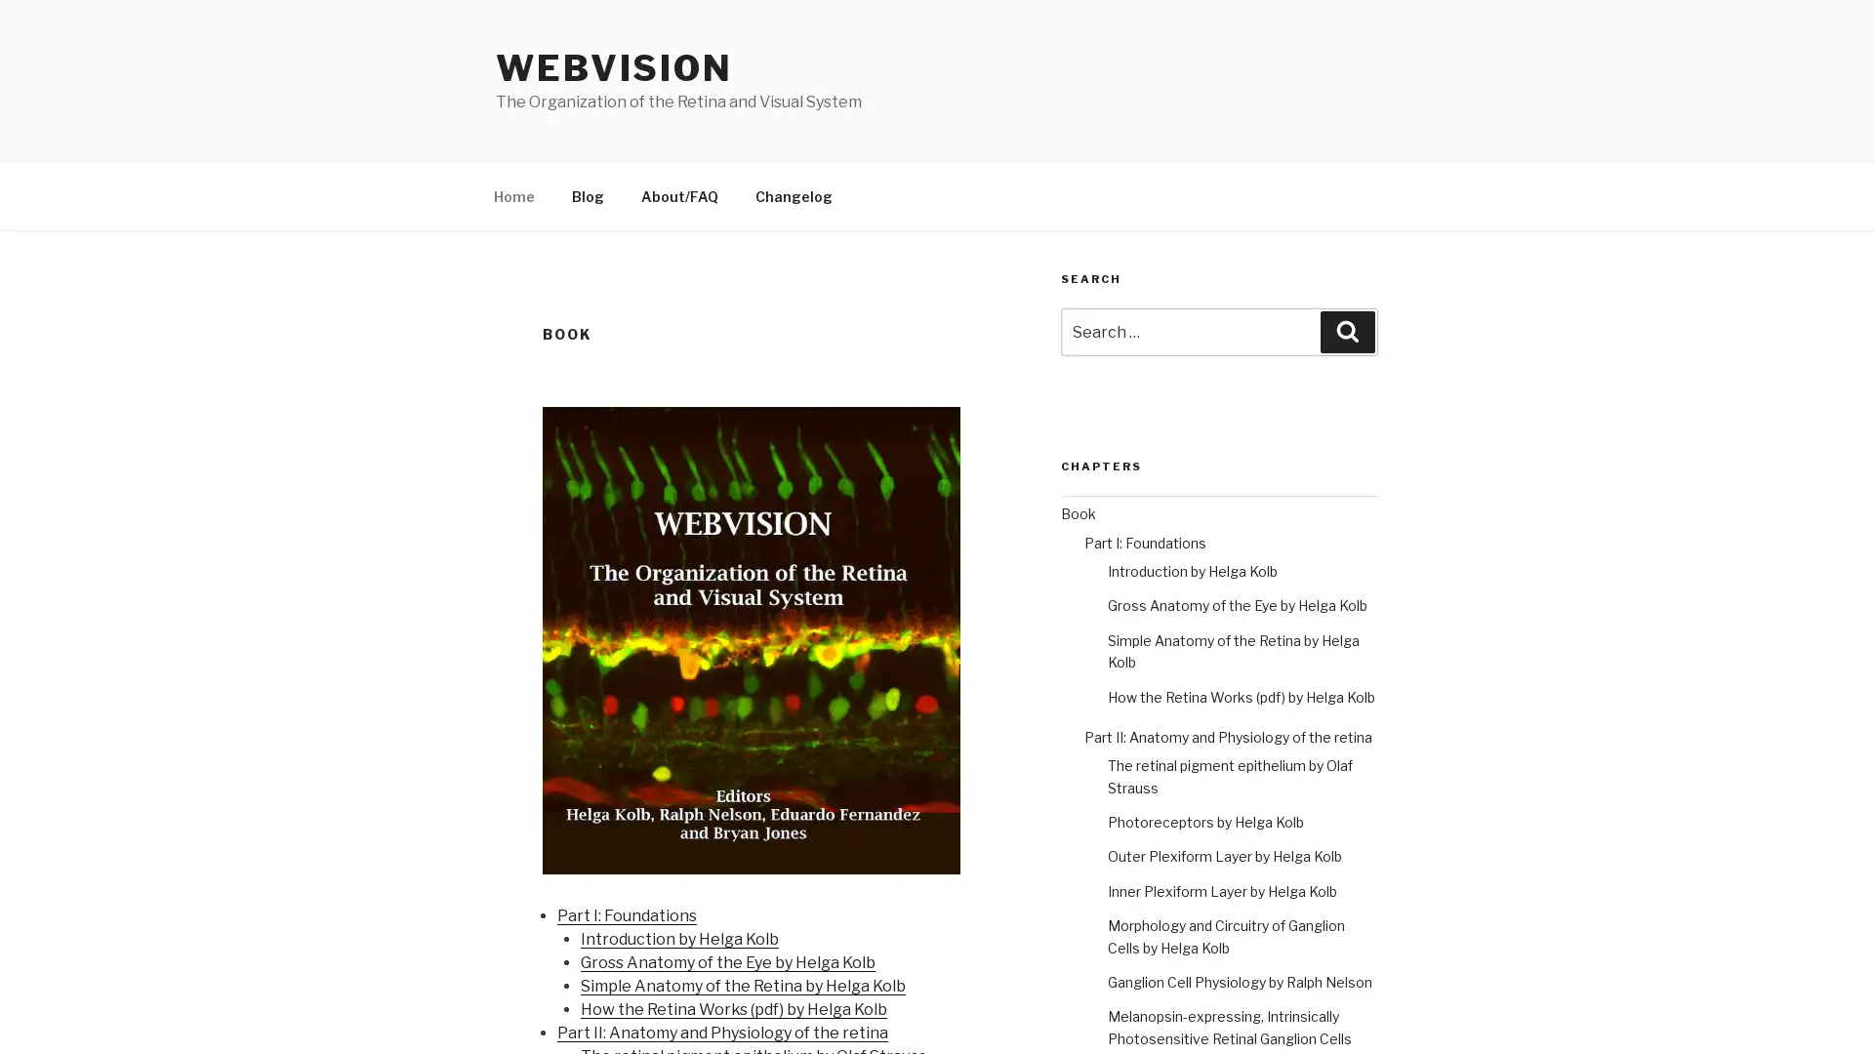 The image size is (1874, 1054). What do you see at coordinates (1347, 330) in the screenshot?
I see `Search` at bounding box center [1347, 330].